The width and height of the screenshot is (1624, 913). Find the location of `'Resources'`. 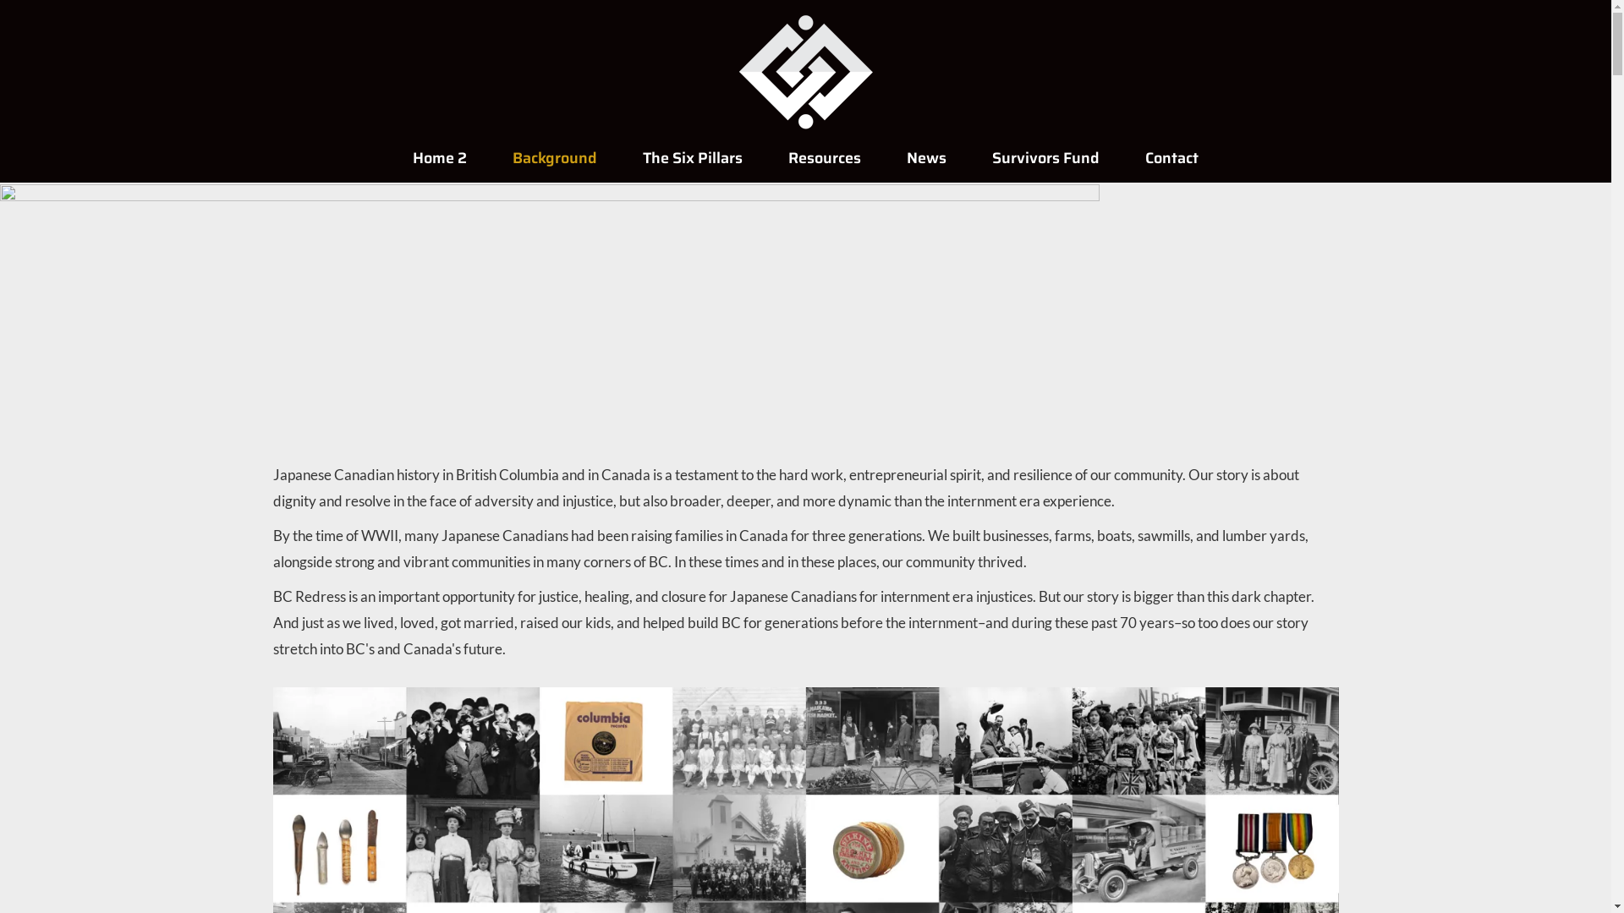

'Resources' is located at coordinates (824, 157).